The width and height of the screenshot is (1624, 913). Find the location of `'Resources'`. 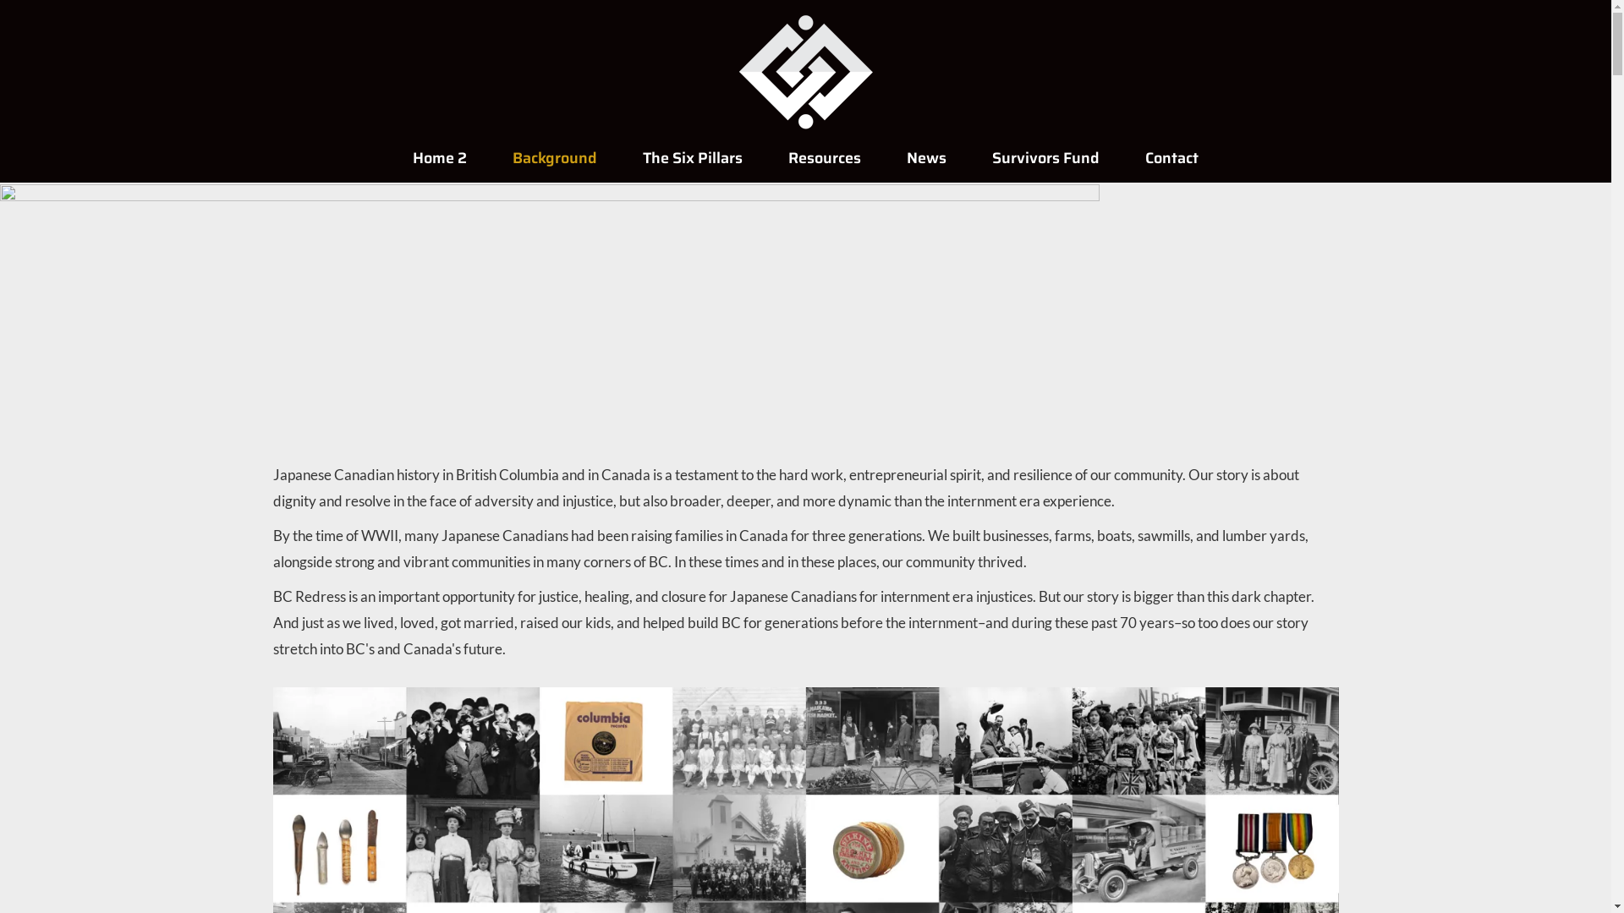

'Resources' is located at coordinates (824, 157).